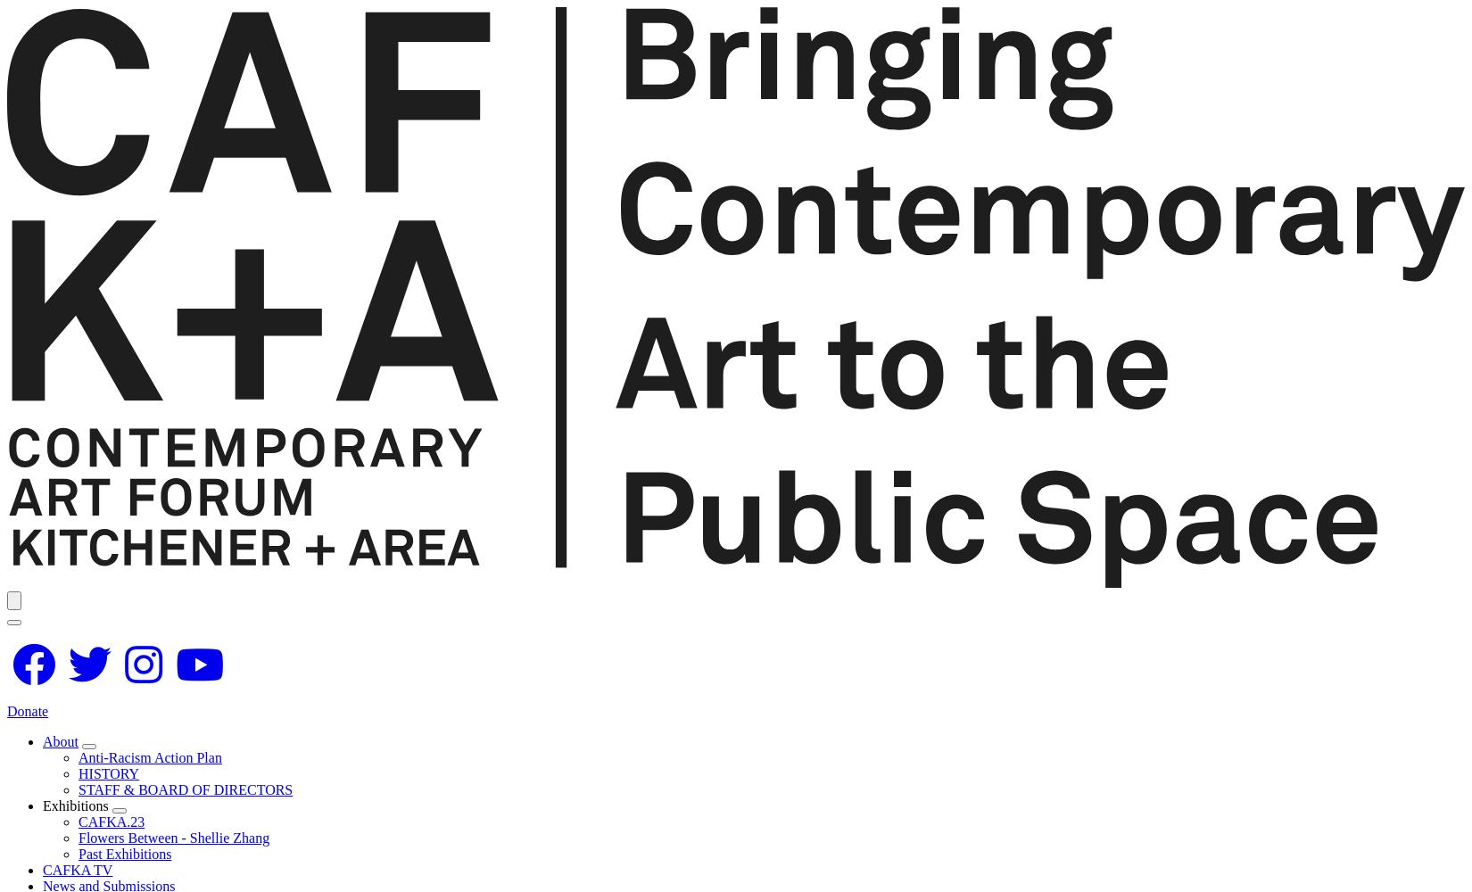  What do you see at coordinates (43, 739) in the screenshot?
I see `'About'` at bounding box center [43, 739].